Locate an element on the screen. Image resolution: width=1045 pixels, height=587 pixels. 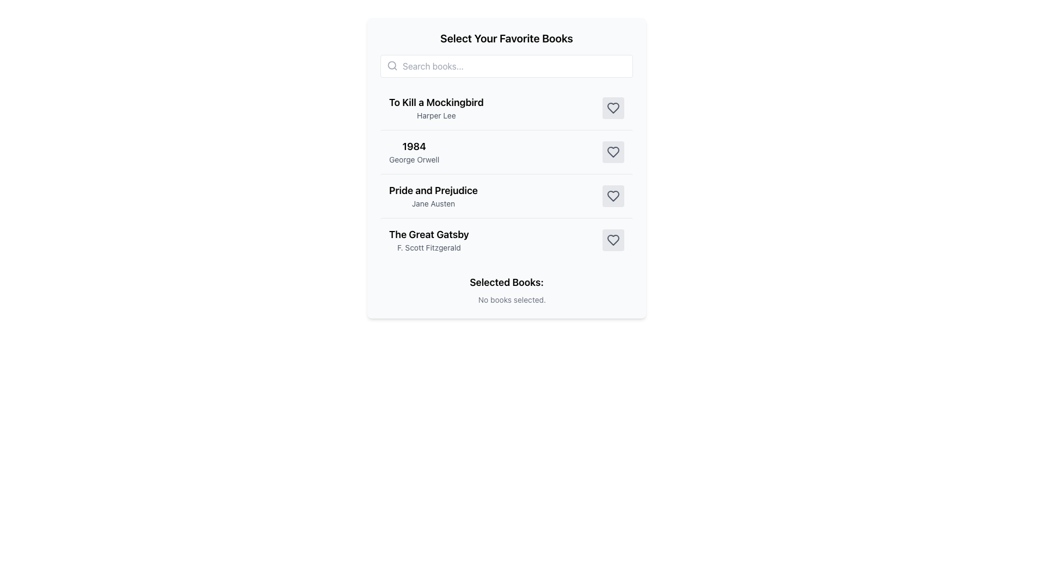
the heart-shaped icon button outlined with a dark gray stroke, located to the right of the book titled 'Pride and Prejudice' by Jane Austen, to favorite or unfavorite the associated book is located at coordinates (613, 196).